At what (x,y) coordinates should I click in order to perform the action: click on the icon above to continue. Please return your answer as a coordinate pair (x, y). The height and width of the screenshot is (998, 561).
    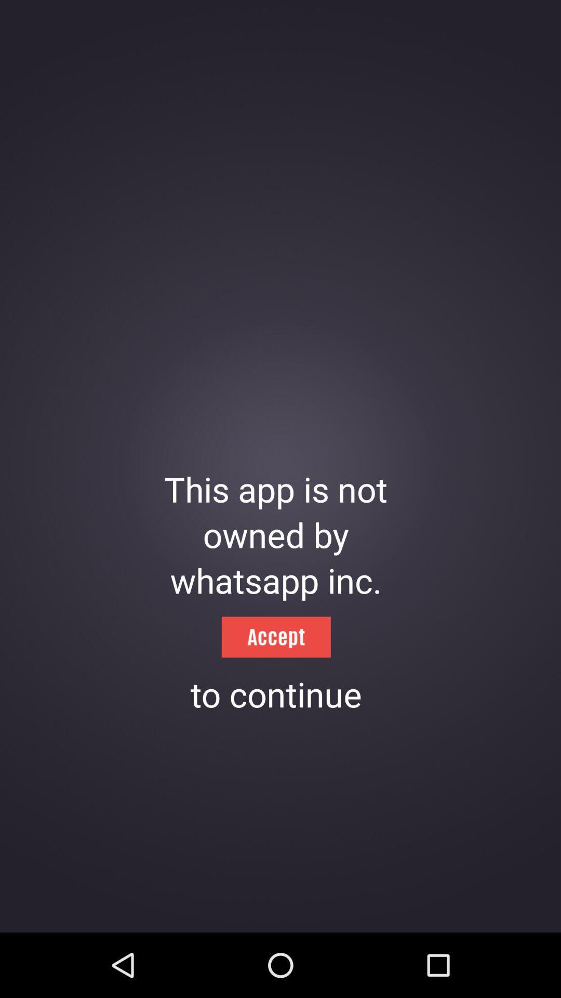
    Looking at the image, I should click on (275, 636).